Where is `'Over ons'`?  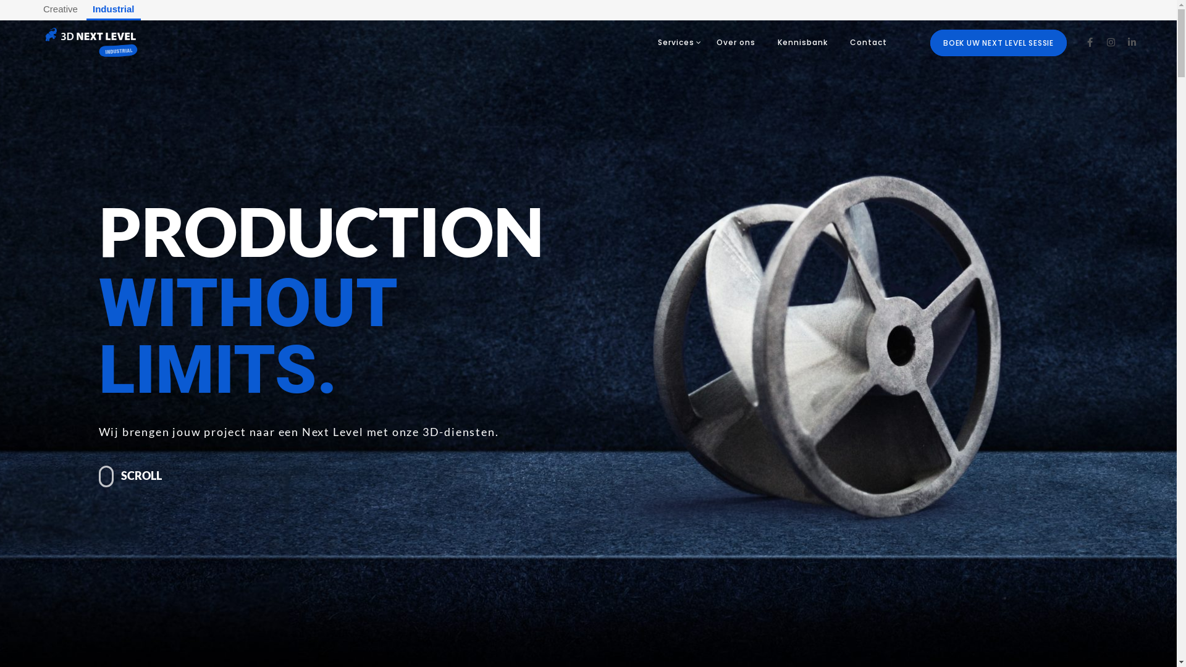 'Over ons' is located at coordinates (736, 41).